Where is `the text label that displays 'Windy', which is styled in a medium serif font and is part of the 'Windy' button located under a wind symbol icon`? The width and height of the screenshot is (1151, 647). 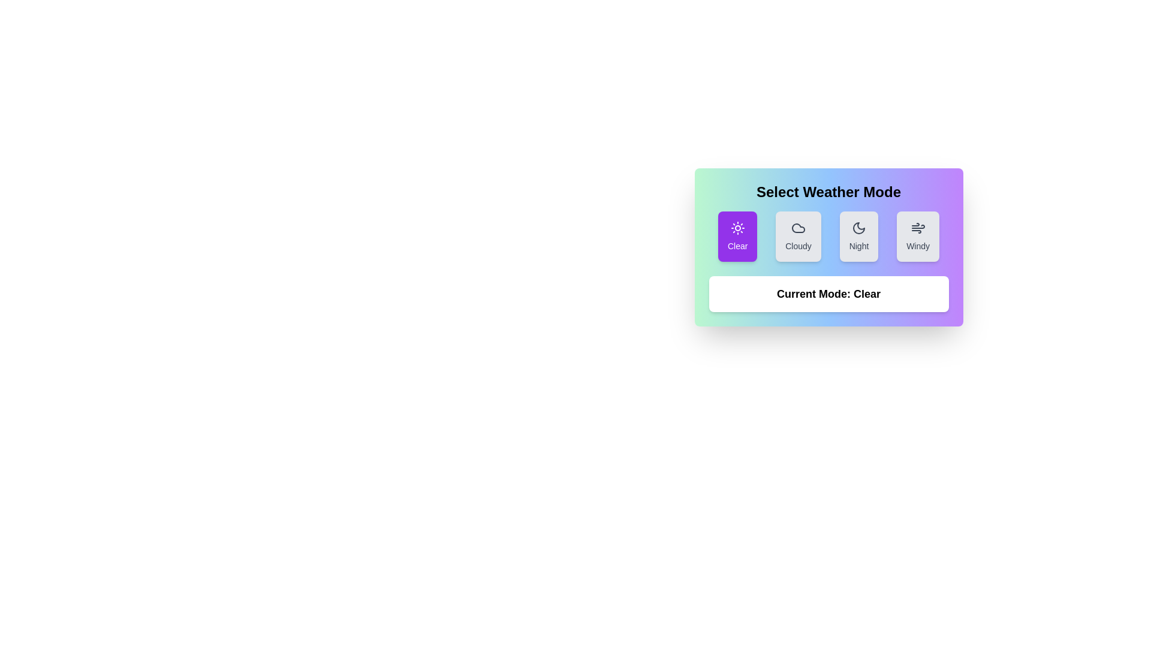
the text label that displays 'Windy', which is styled in a medium serif font and is part of the 'Windy' button located under a wind symbol icon is located at coordinates (917, 246).